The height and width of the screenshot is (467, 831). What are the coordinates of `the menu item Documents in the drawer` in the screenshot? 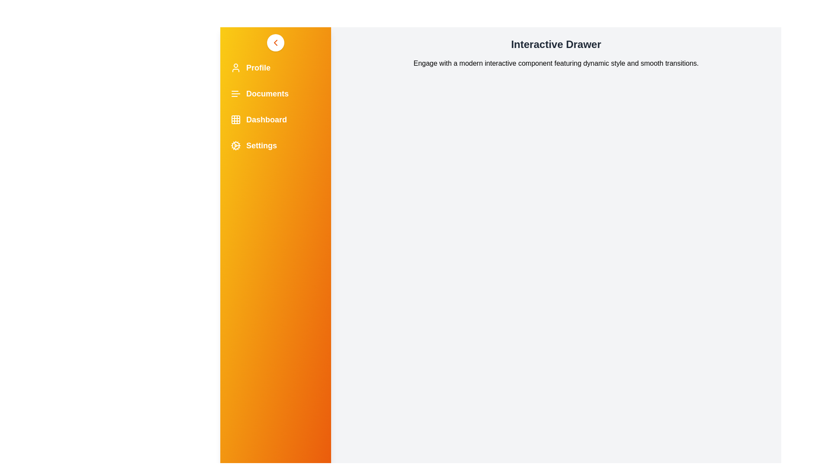 It's located at (275, 93).